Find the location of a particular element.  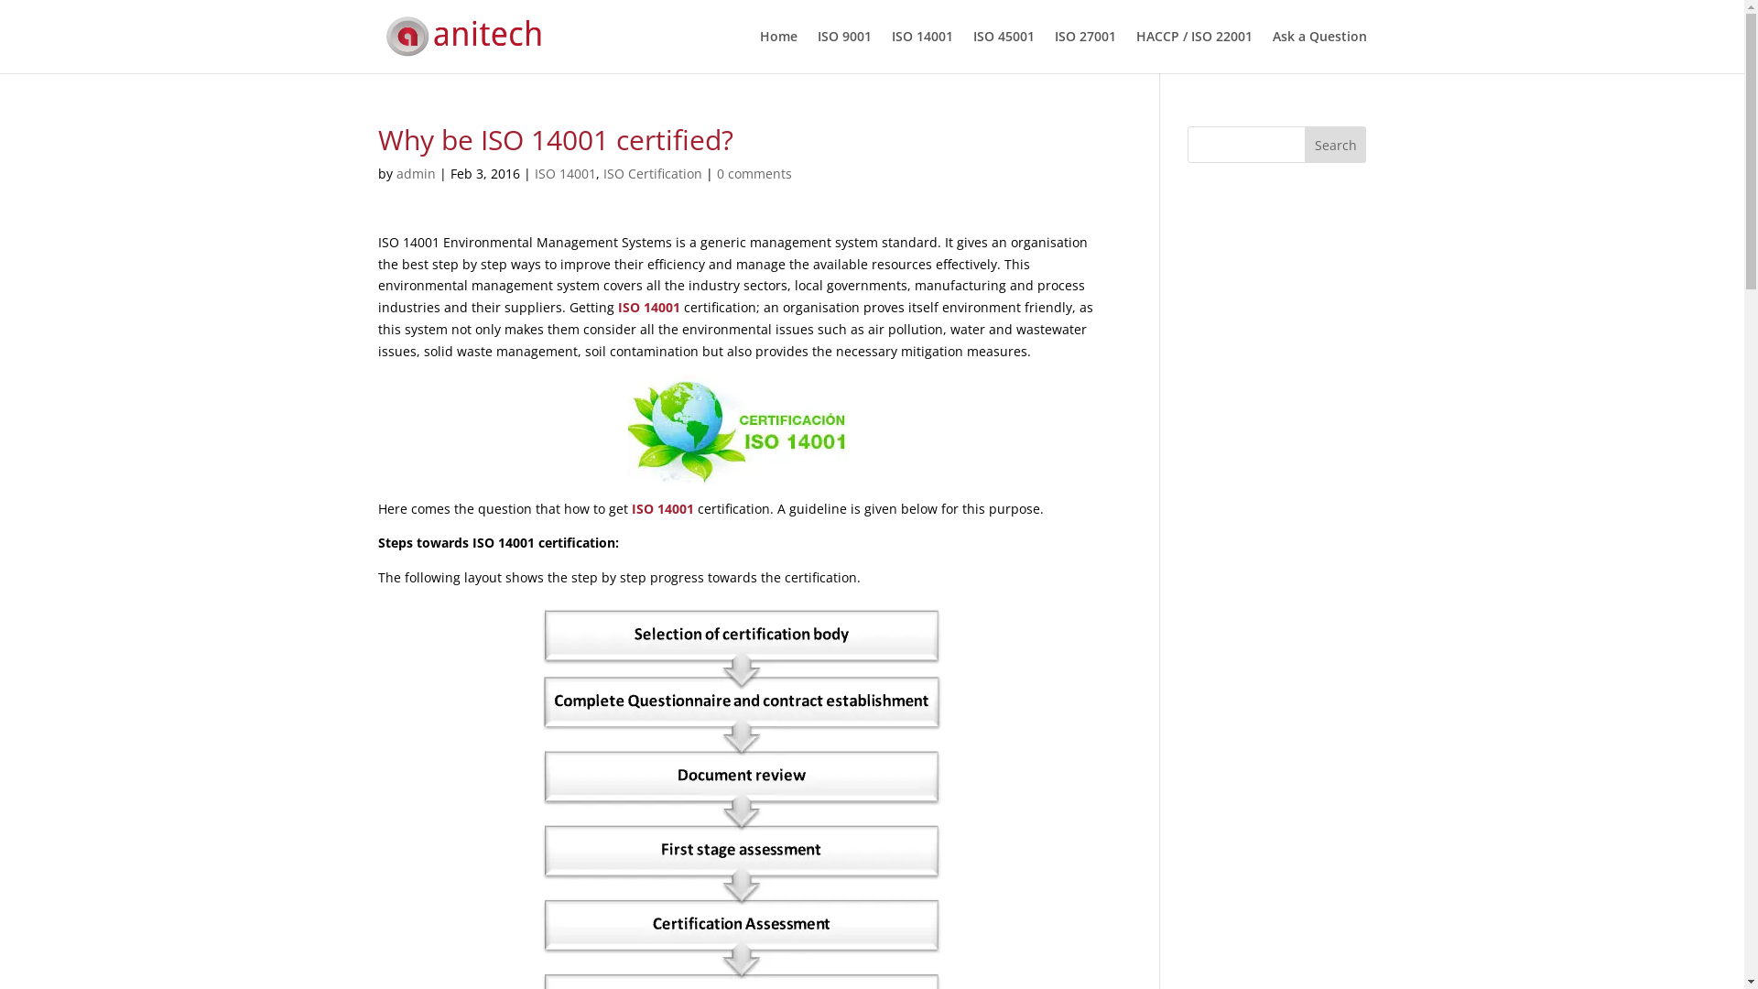

'ISO Certification' is located at coordinates (651, 173).